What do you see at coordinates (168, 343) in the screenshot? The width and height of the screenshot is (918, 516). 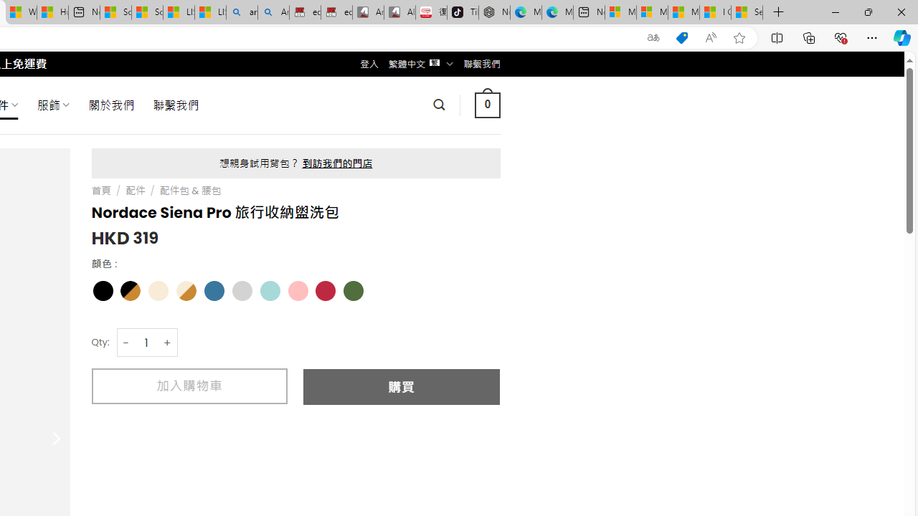 I see `'+'` at bounding box center [168, 343].